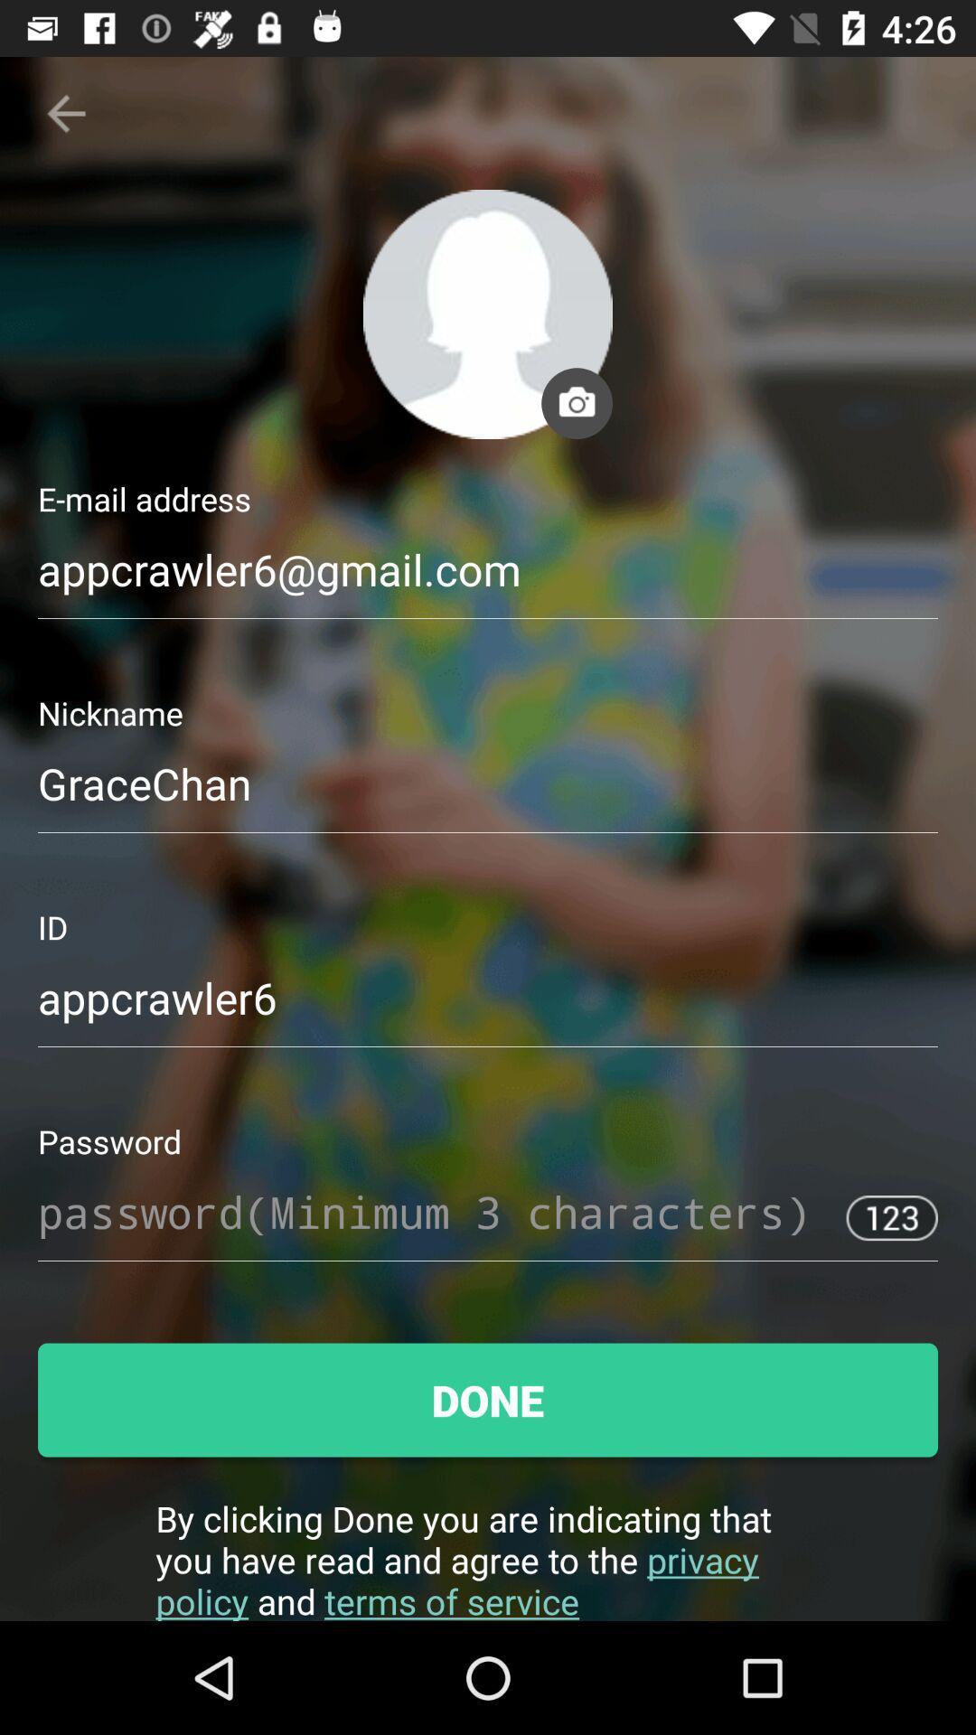  I want to click on the arrow_backward icon, so click(65, 112).